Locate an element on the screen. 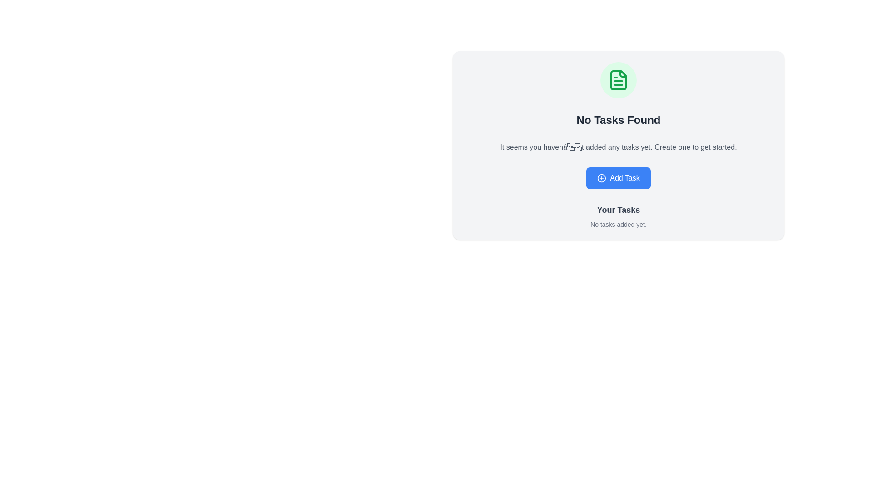  the blue rectangular button labeled 'Add Task' with a plus sign icon is located at coordinates (618, 178).